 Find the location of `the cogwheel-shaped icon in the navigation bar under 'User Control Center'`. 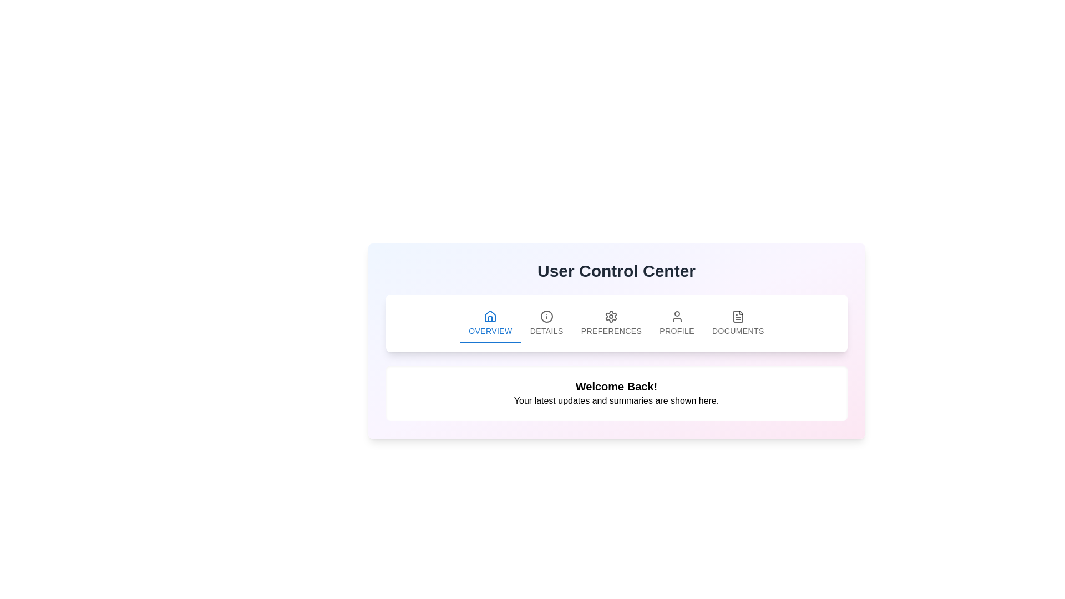

the cogwheel-shaped icon in the navigation bar under 'User Control Center' is located at coordinates (611, 317).